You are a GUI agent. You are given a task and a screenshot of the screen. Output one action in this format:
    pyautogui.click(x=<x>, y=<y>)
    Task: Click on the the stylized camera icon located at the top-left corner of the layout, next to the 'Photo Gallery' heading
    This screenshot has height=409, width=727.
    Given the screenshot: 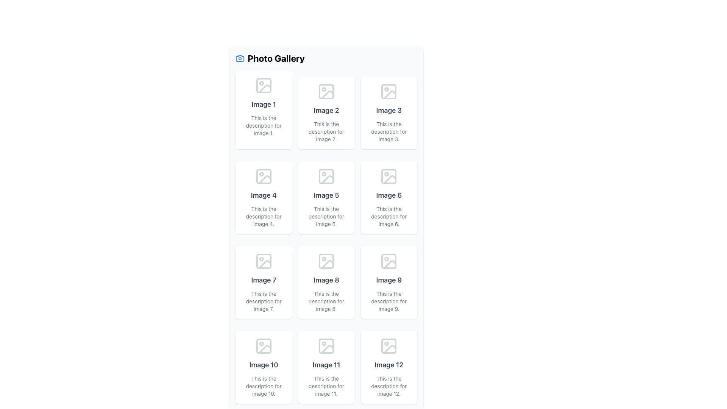 What is the action you would take?
    pyautogui.click(x=239, y=58)
    